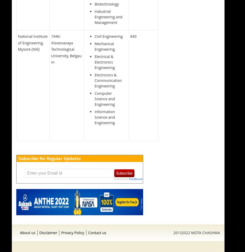 This screenshot has height=252, width=245. I want to click on 'Delivered by', so click(121, 179).